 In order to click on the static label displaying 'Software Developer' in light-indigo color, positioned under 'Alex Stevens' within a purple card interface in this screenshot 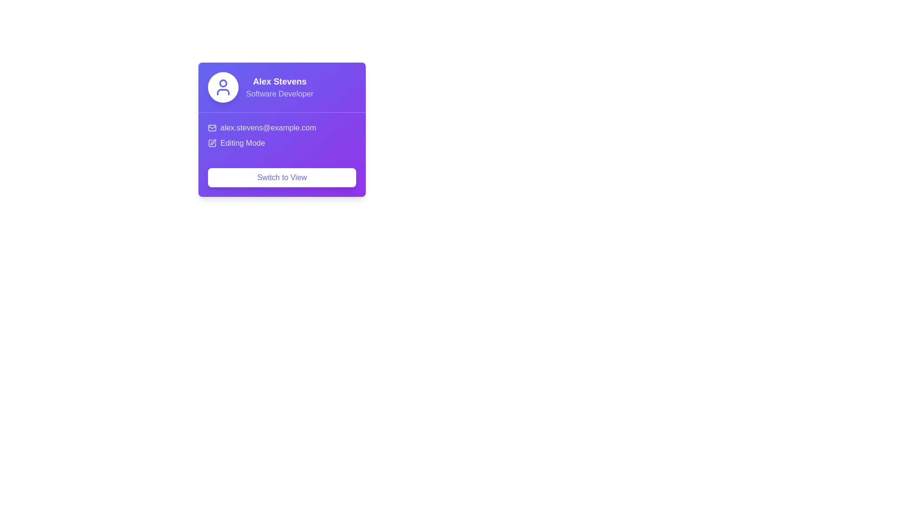, I will do `click(279, 94)`.